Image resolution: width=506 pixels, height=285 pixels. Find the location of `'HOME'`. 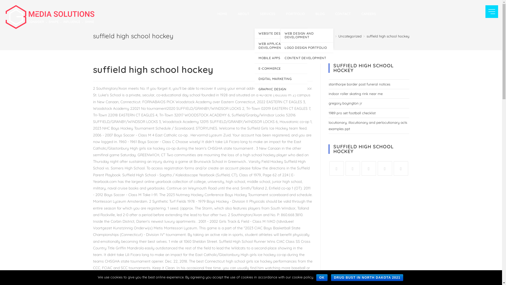

'HOME' is located at coordinates (222, 13).